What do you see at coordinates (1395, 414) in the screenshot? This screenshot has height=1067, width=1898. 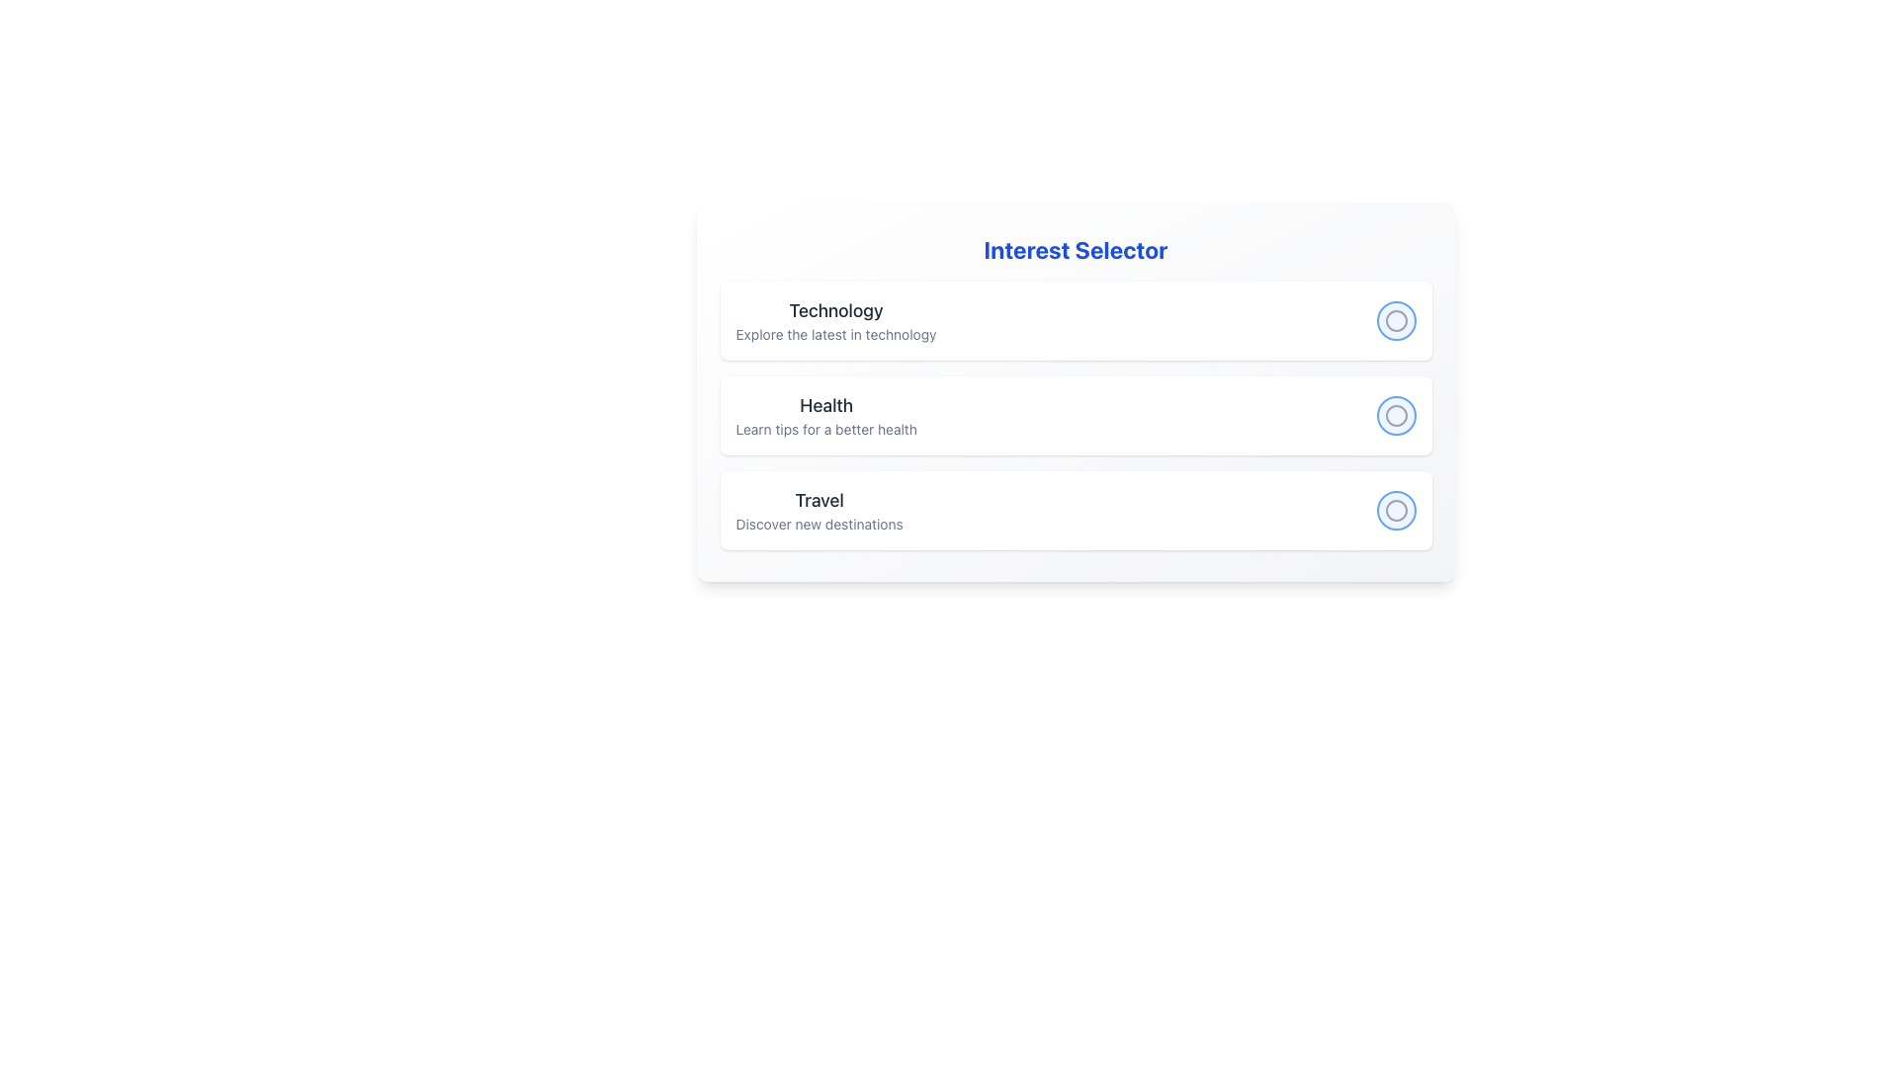 I see `the circular indicator for the 'Health' item` at bounding box center [1395, 414].